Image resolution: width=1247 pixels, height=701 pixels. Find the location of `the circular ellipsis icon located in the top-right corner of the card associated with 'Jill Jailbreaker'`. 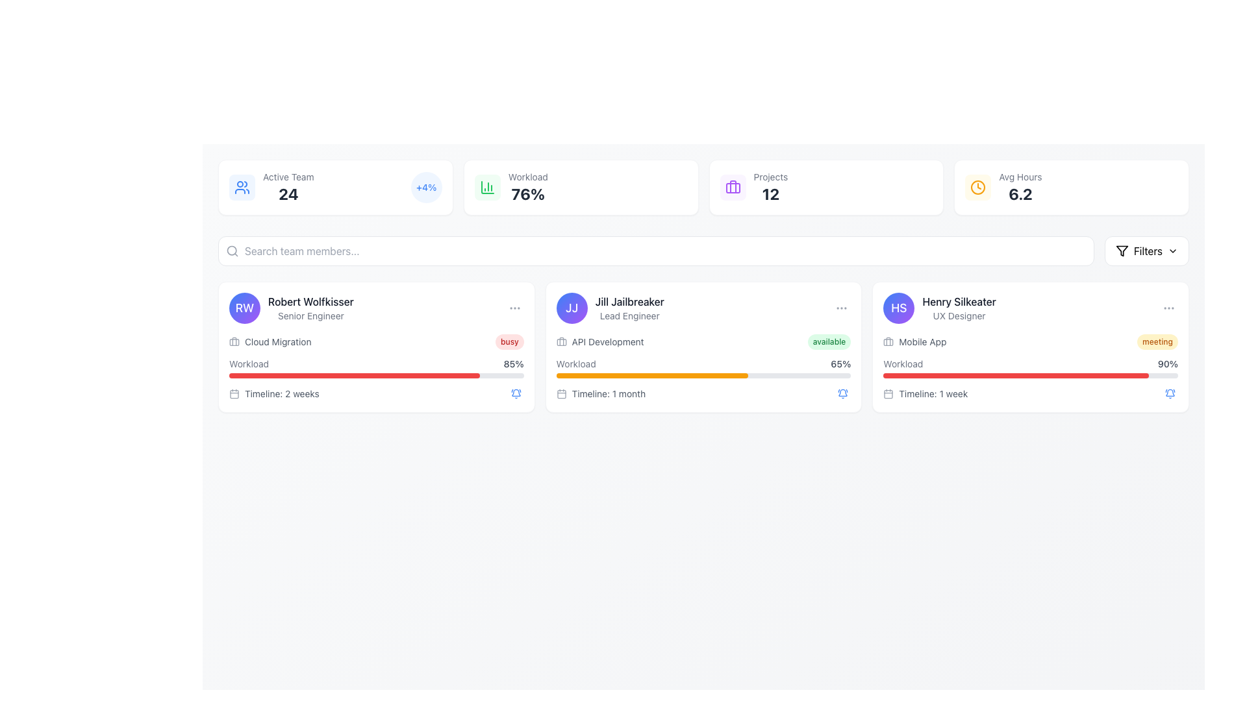

the circular ellipsis icon located in the top-right corner of the card associated with 'Jill Jailbreaker' is located at coordinates (842, 308).